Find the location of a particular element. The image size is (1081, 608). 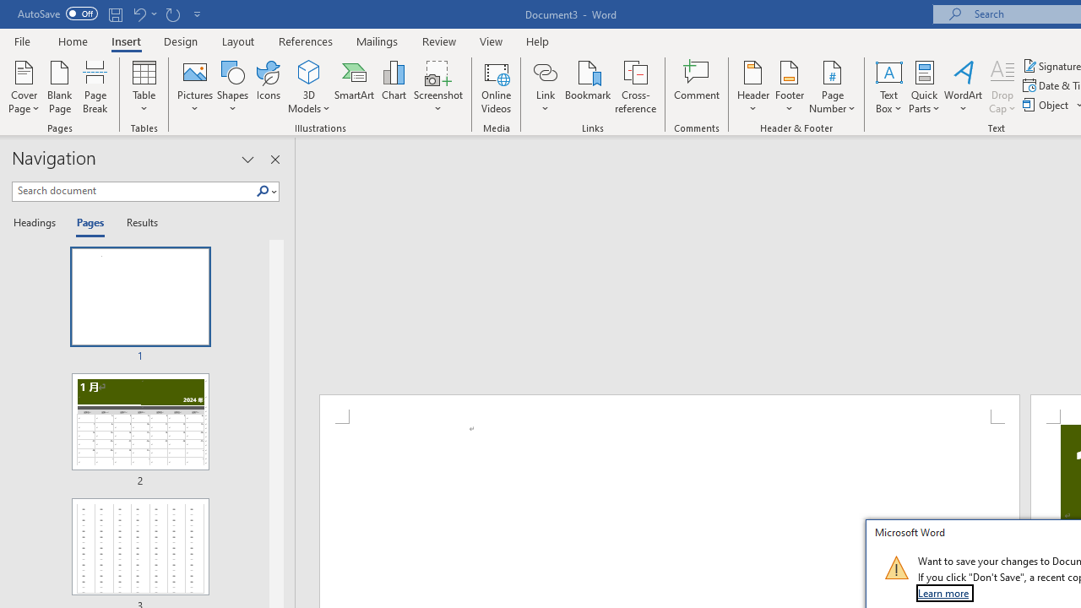

'Footer' is located at coordinates (789, 87).